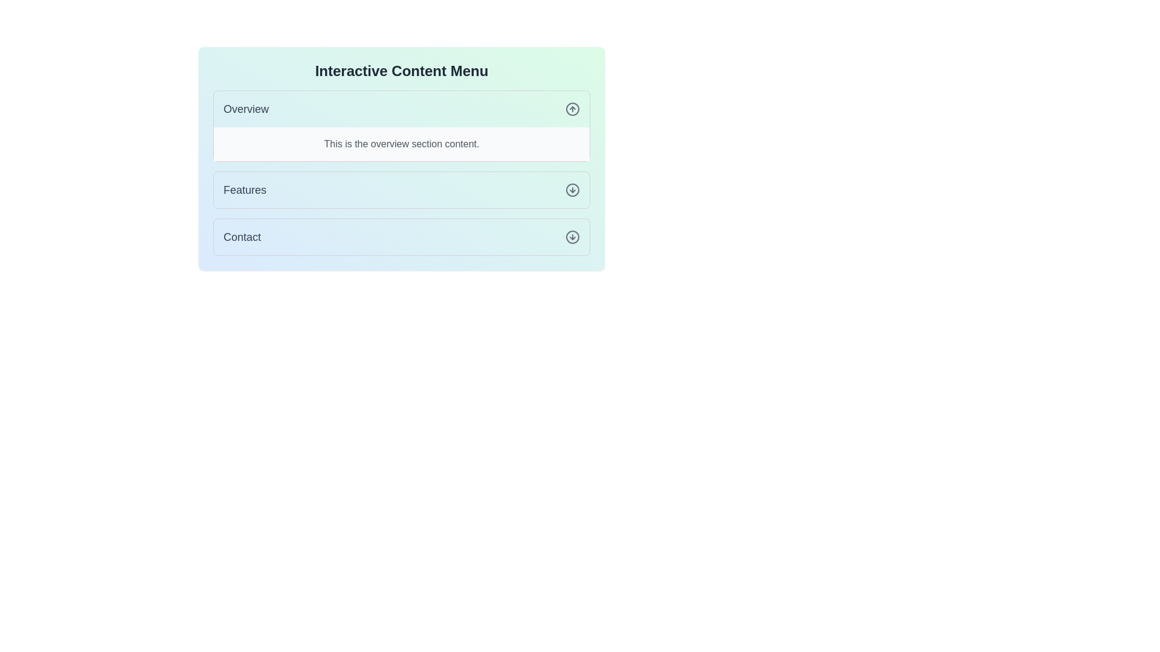 Image resolution: width=1160 pixels, height=652 pixels. What do you see at coordinates (572, 237) in the screenshot?
I see `the expandable menu icon located to the right of the 'Contact' row in the vertically stacked menu` at bounding box center [572, 237].